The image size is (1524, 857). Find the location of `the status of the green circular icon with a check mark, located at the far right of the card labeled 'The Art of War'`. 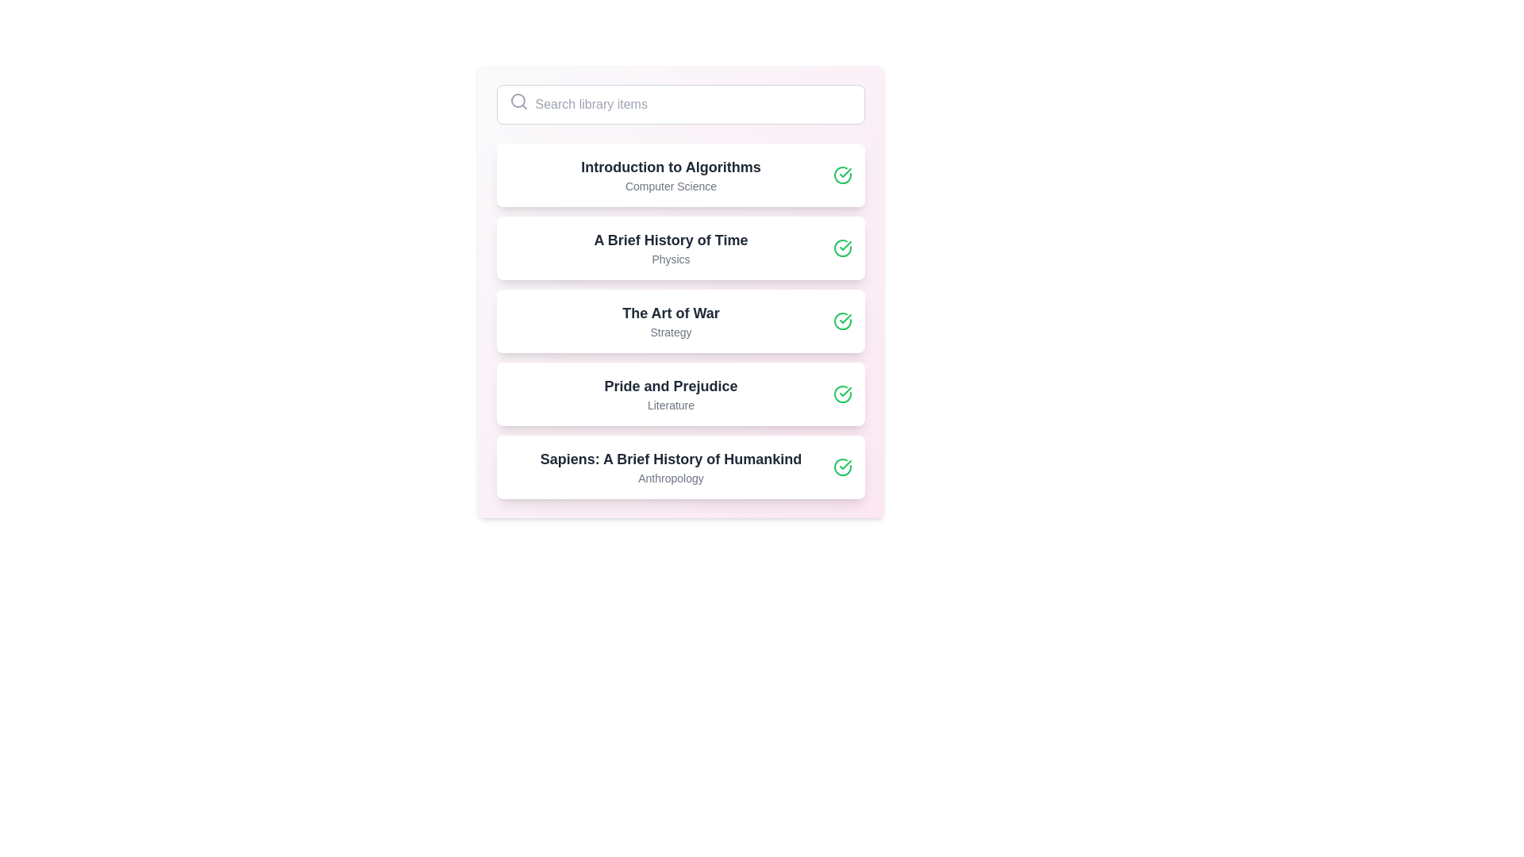

the status of the green circular icon with a check mark, located at the far right of the card labeled 'The Art of War' is located at coordinates (841, 321).